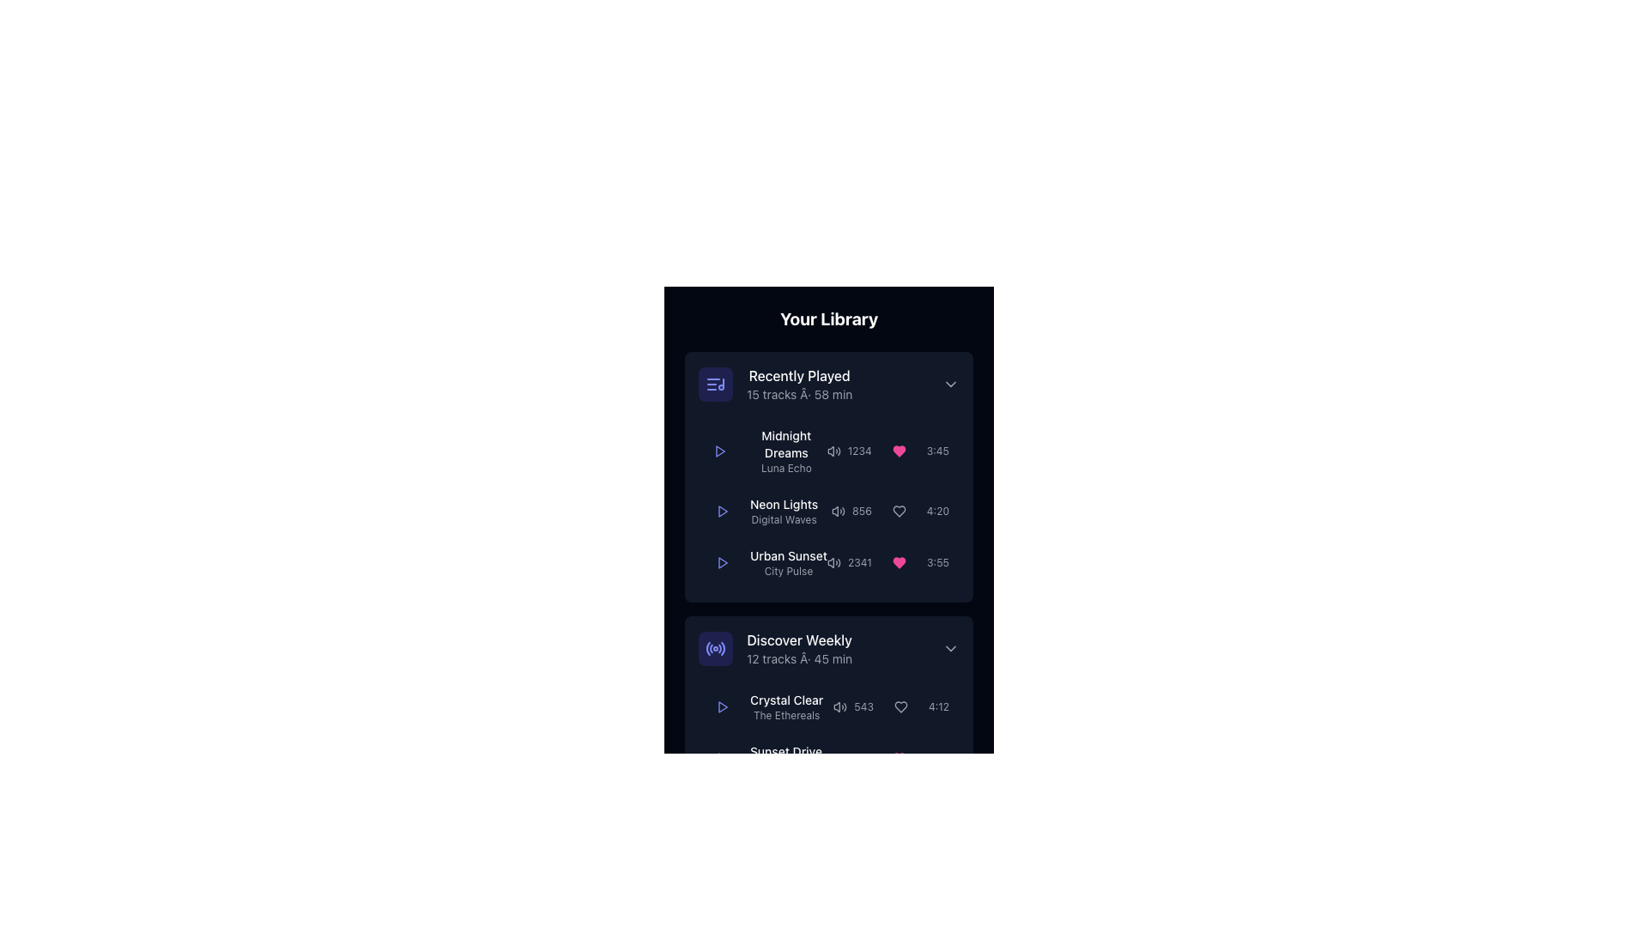 This screenshot has height=927, width=1648. I want to click on duration value displayed as '4:20' in small gray font, located in the 'Neon Lights' row of the 'Recently Played' section, at the far right after the heart icon, so click(936, 511).